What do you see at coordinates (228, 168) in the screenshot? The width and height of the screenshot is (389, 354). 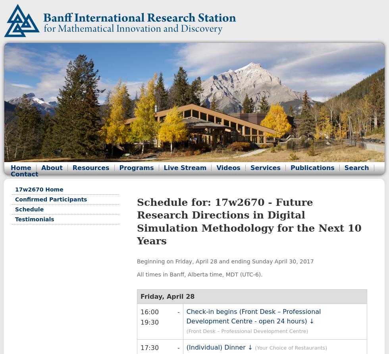 I see `'Videos'` at bounding box center [228, 168].